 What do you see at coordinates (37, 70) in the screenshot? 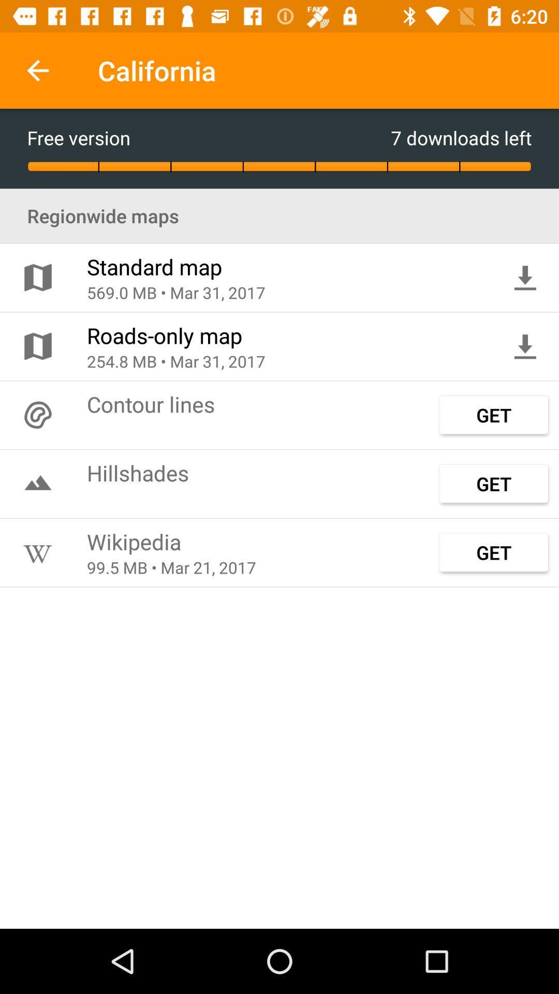
I see `app next to the california app` at bounding box center [37, 70].